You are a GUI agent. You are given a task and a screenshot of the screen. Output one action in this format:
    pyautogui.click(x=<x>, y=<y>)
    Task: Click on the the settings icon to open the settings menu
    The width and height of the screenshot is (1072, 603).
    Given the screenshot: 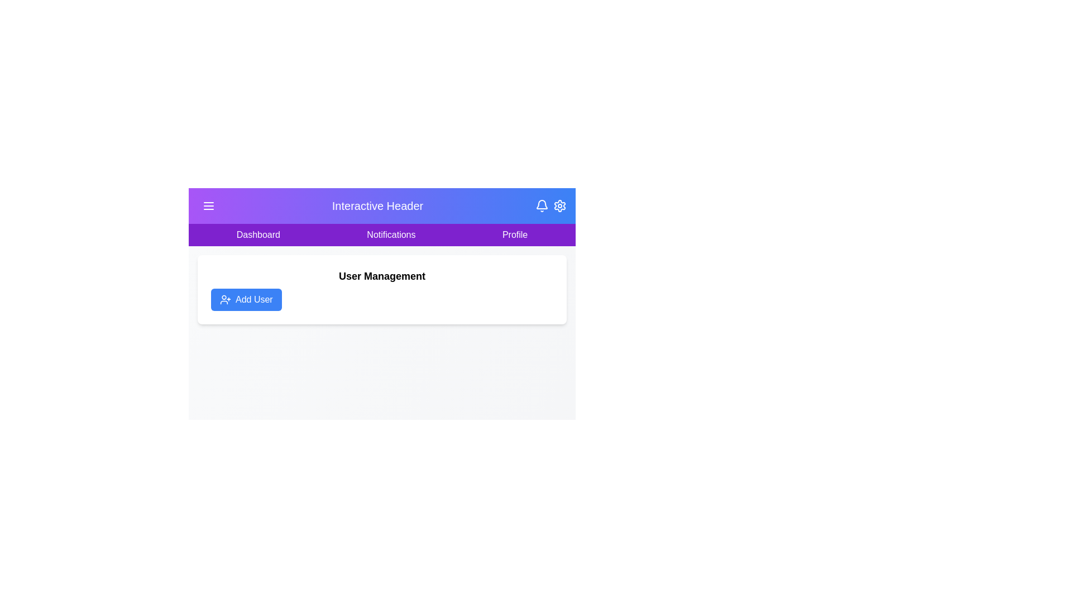 What is the action you would take?
    pyautogui.click(x=560, y=206)
    